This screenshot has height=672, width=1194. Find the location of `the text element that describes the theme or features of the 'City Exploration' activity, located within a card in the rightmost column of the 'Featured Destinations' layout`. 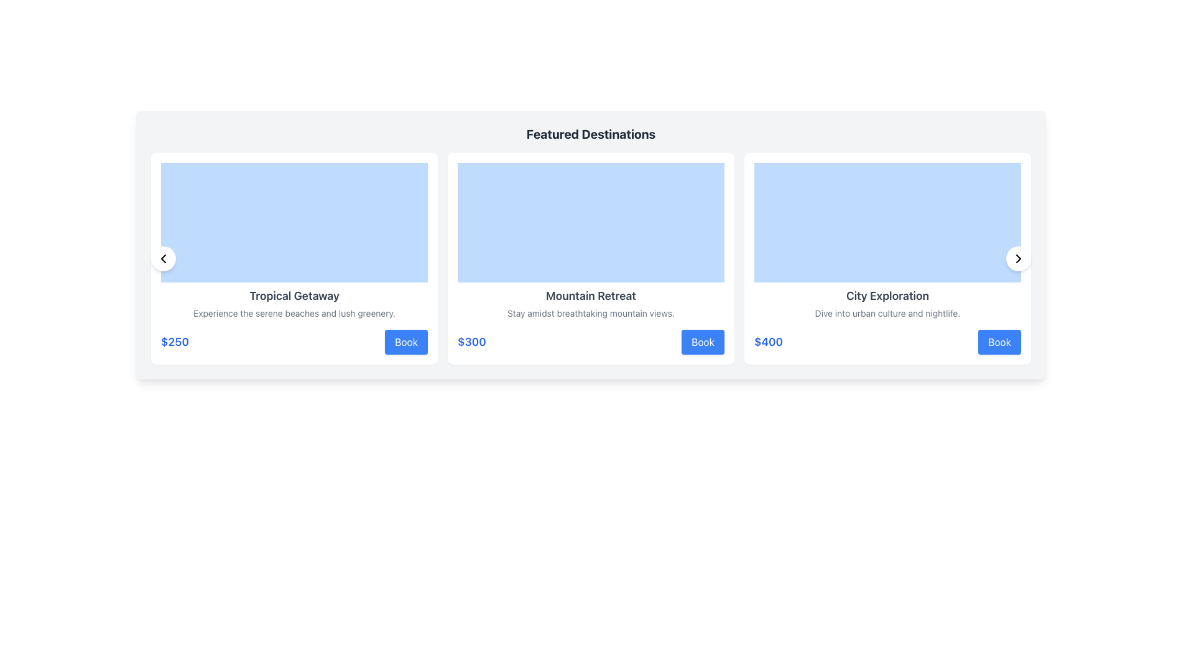

the text element that describes the theme or features of the 'City Exploration' activity, located within a card in the rightmost column of the 'Featured Destinations' layout is located at coordinates (887, 313).